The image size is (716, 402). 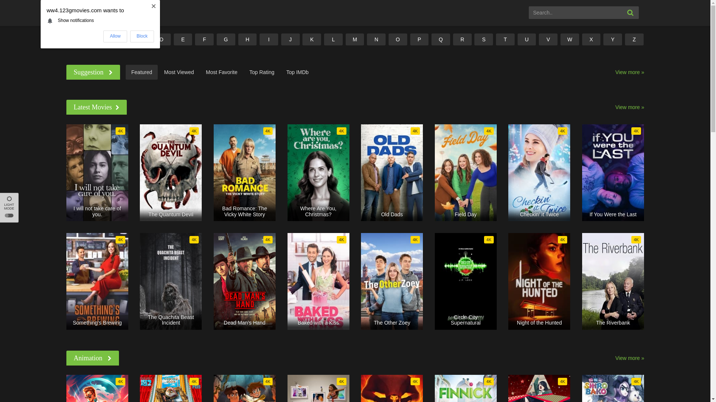 What do you see at coordinates (213, 172) in the screenshot?
I see `'4K` at bounding box center [213, 172].